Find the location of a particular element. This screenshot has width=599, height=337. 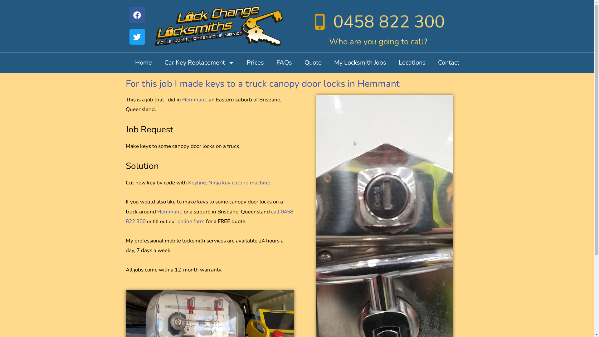

'online form' is located at coordinates (190, 221).